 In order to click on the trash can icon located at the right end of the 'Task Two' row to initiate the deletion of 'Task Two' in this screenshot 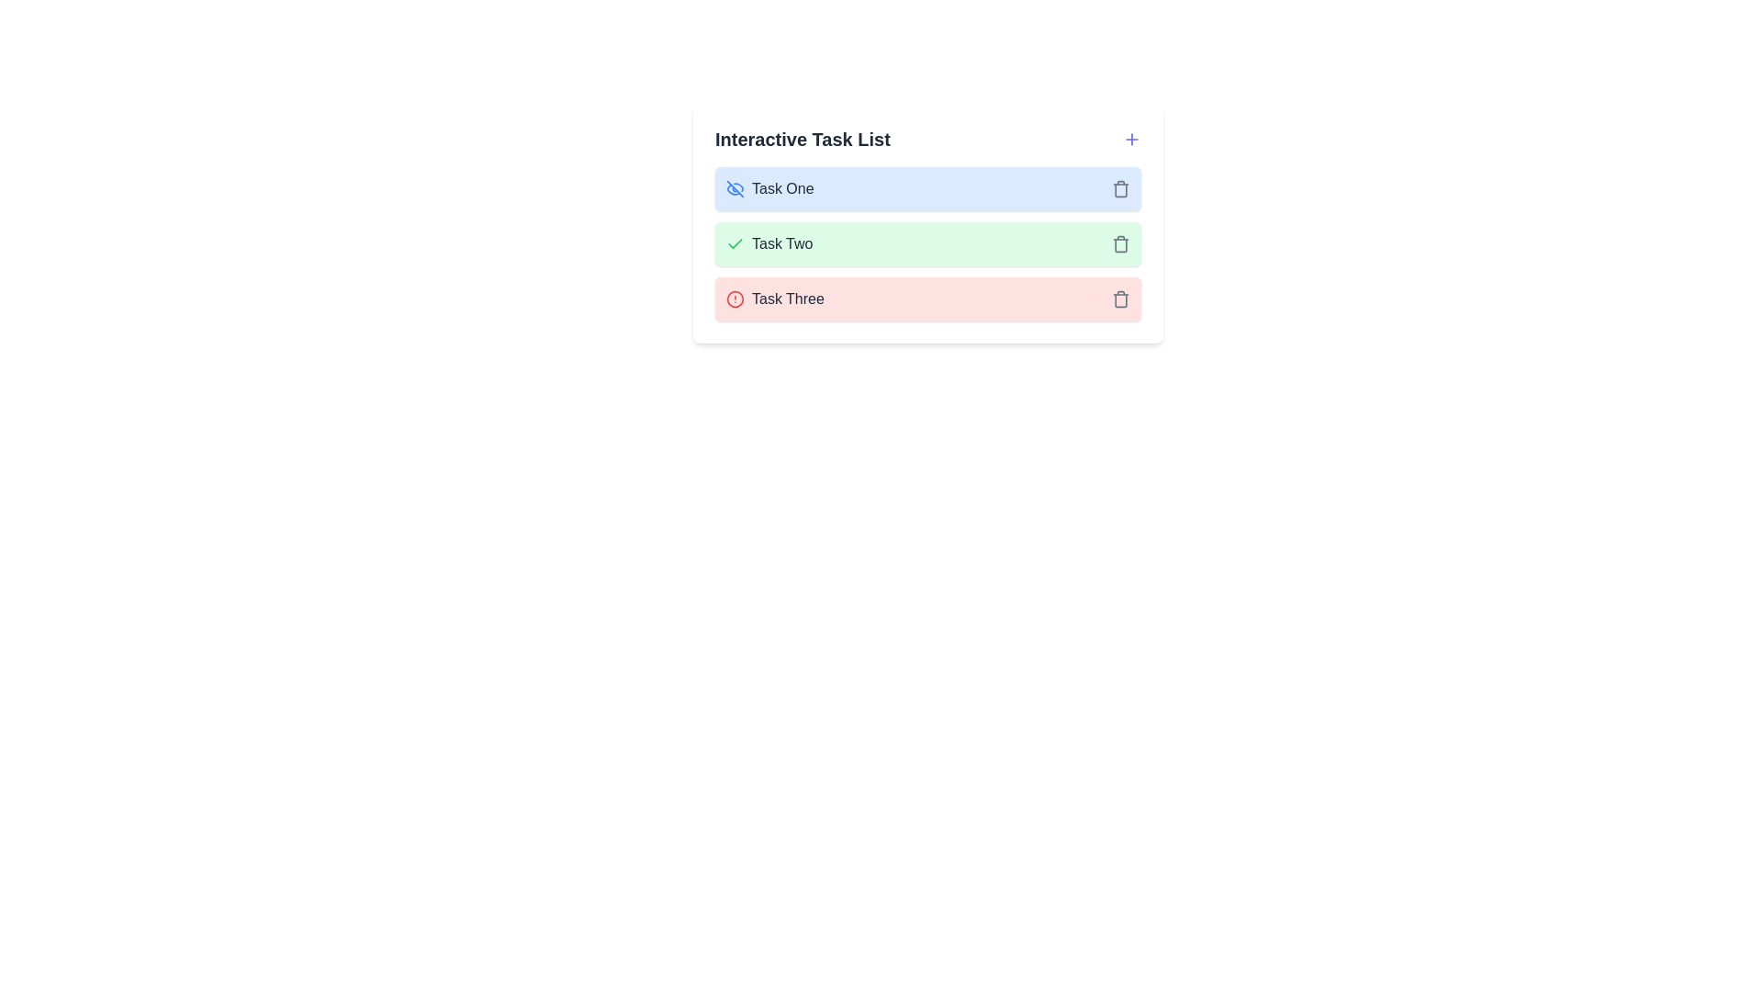, I will do `click(1119, 243)`.